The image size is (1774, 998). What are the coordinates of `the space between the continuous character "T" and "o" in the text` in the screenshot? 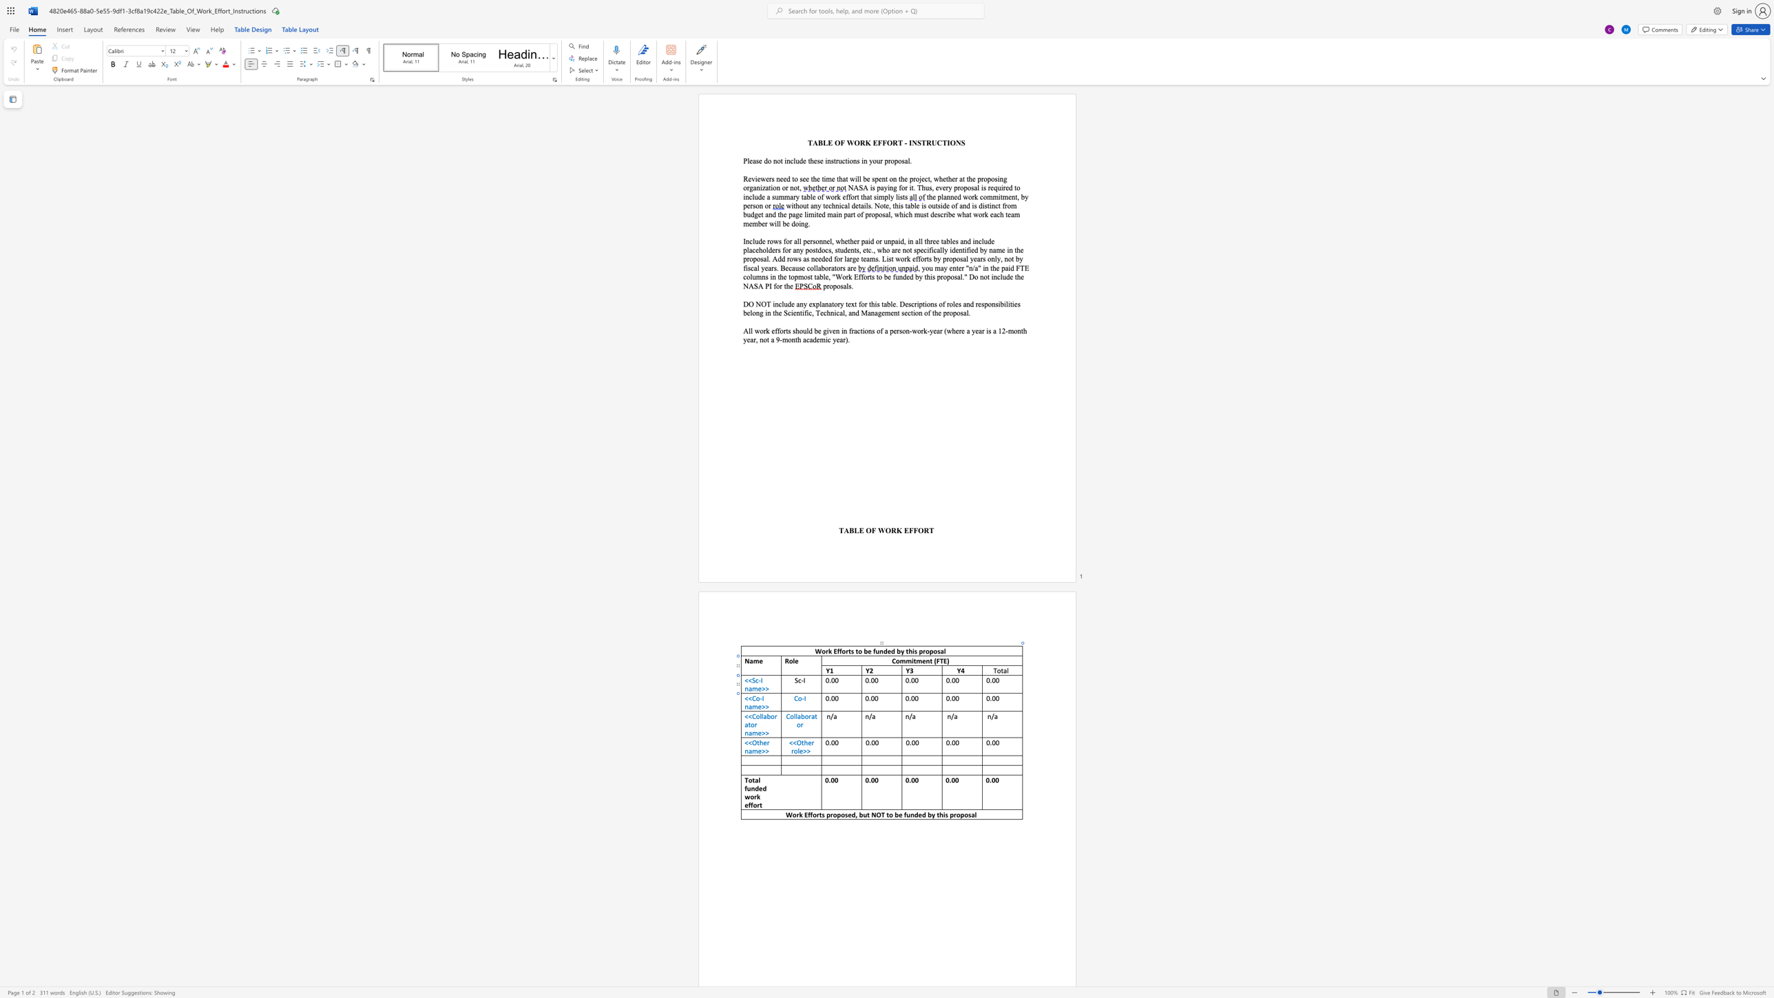 It's located at (749, 780).